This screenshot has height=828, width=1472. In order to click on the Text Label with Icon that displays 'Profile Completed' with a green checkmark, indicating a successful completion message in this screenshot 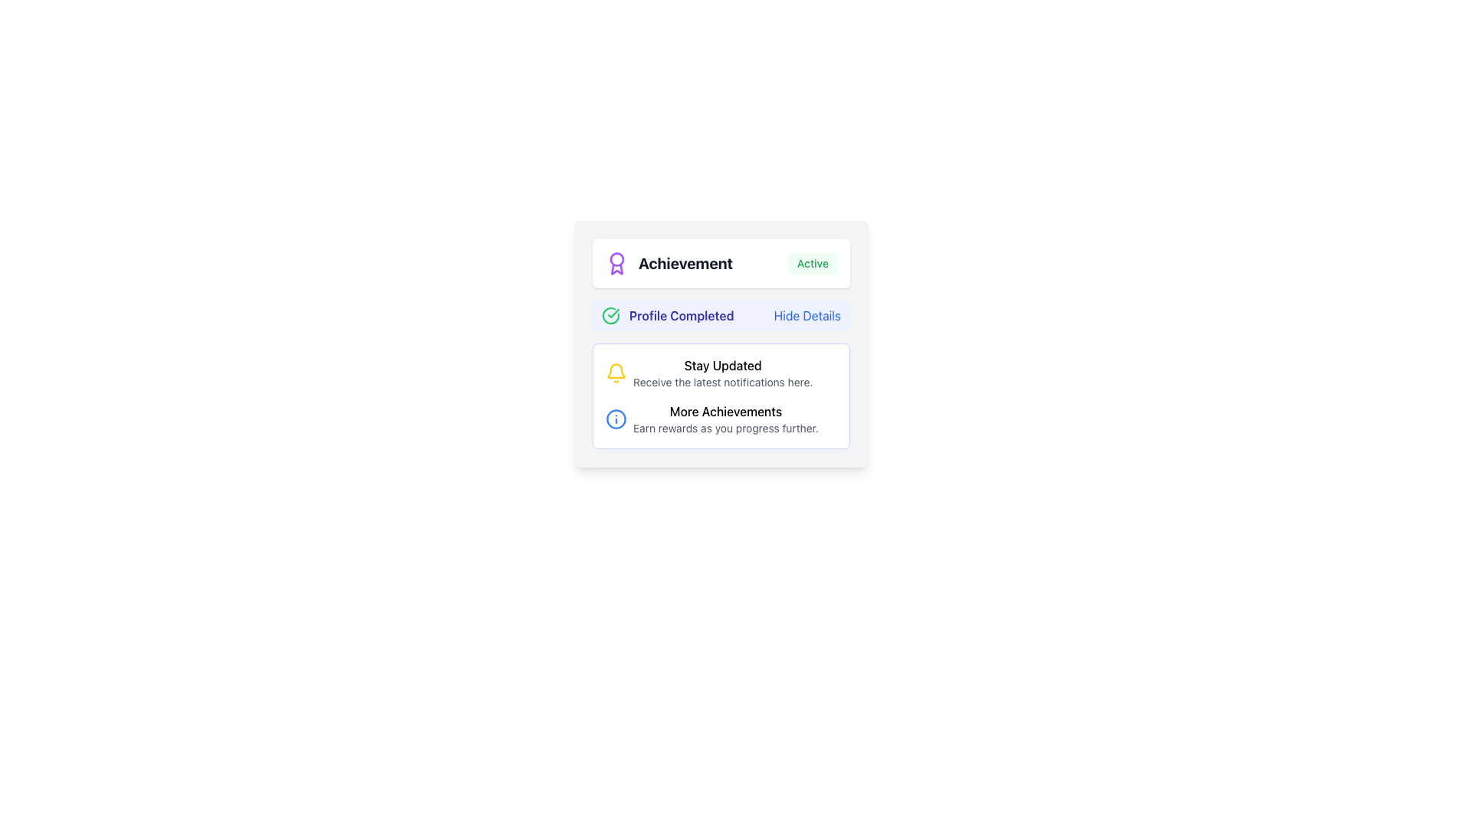, I will do `click(668, 315)`.